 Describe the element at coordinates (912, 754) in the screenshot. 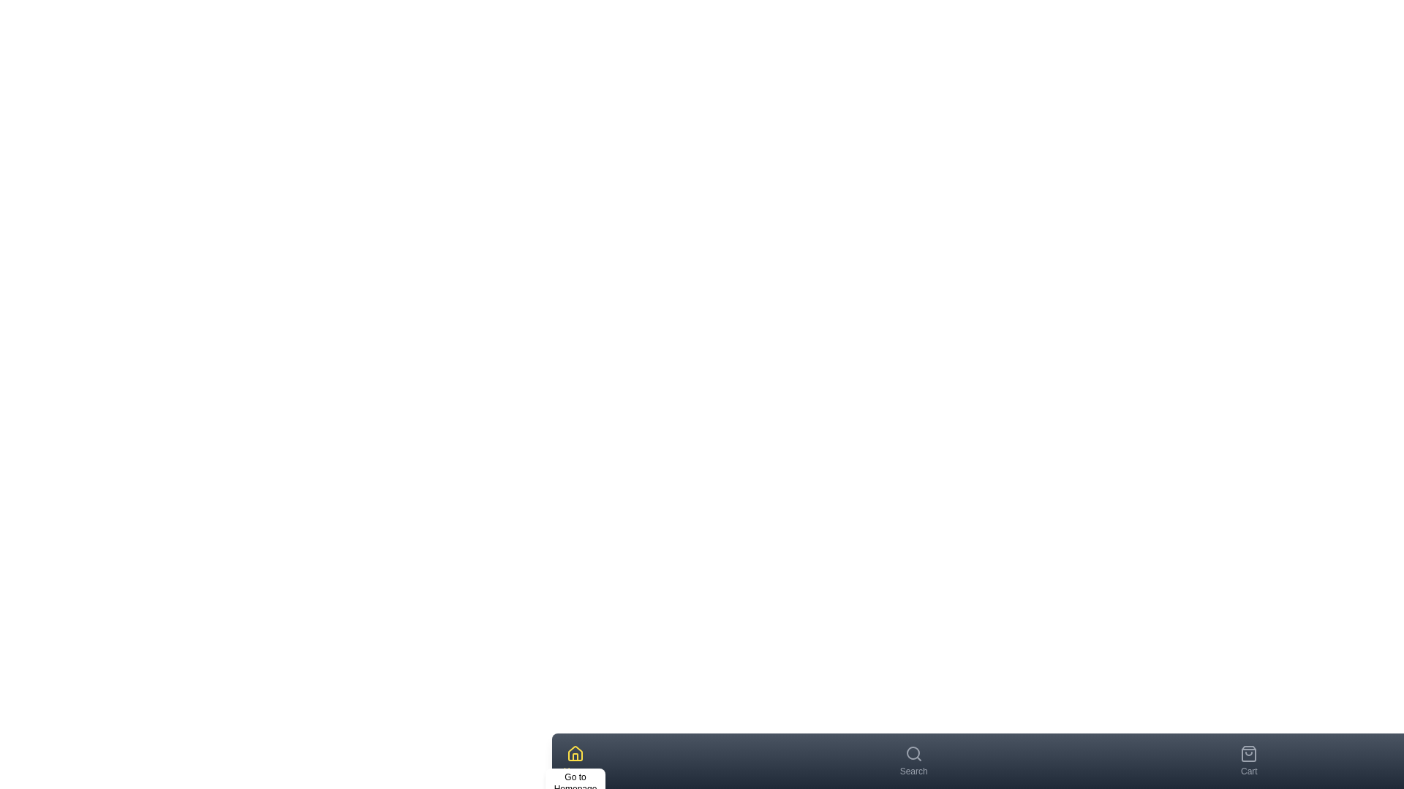

I see `the icon corresponding to Search to view its tooltip` at that location.